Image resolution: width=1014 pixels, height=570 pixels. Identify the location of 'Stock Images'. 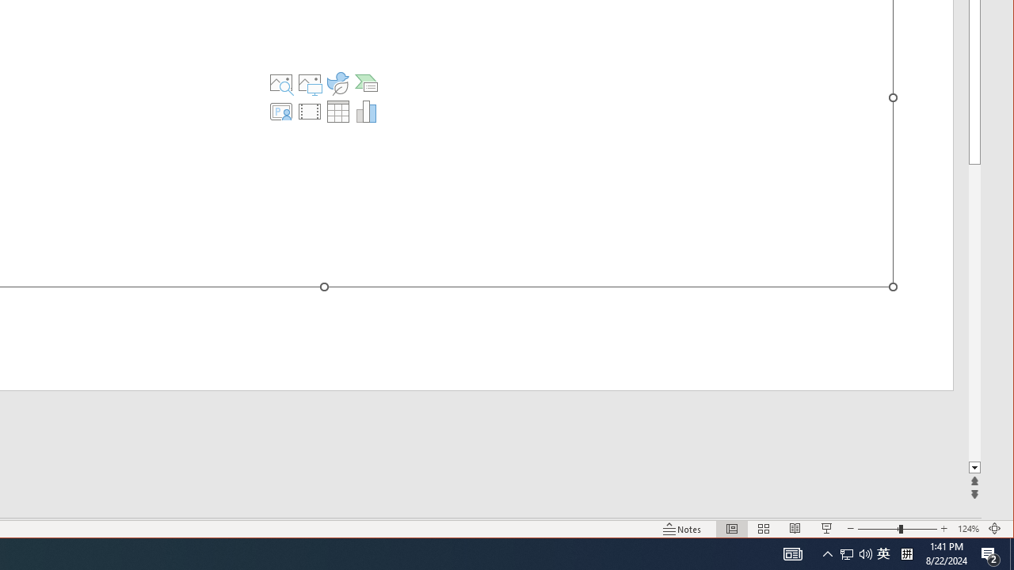
(281, 83).